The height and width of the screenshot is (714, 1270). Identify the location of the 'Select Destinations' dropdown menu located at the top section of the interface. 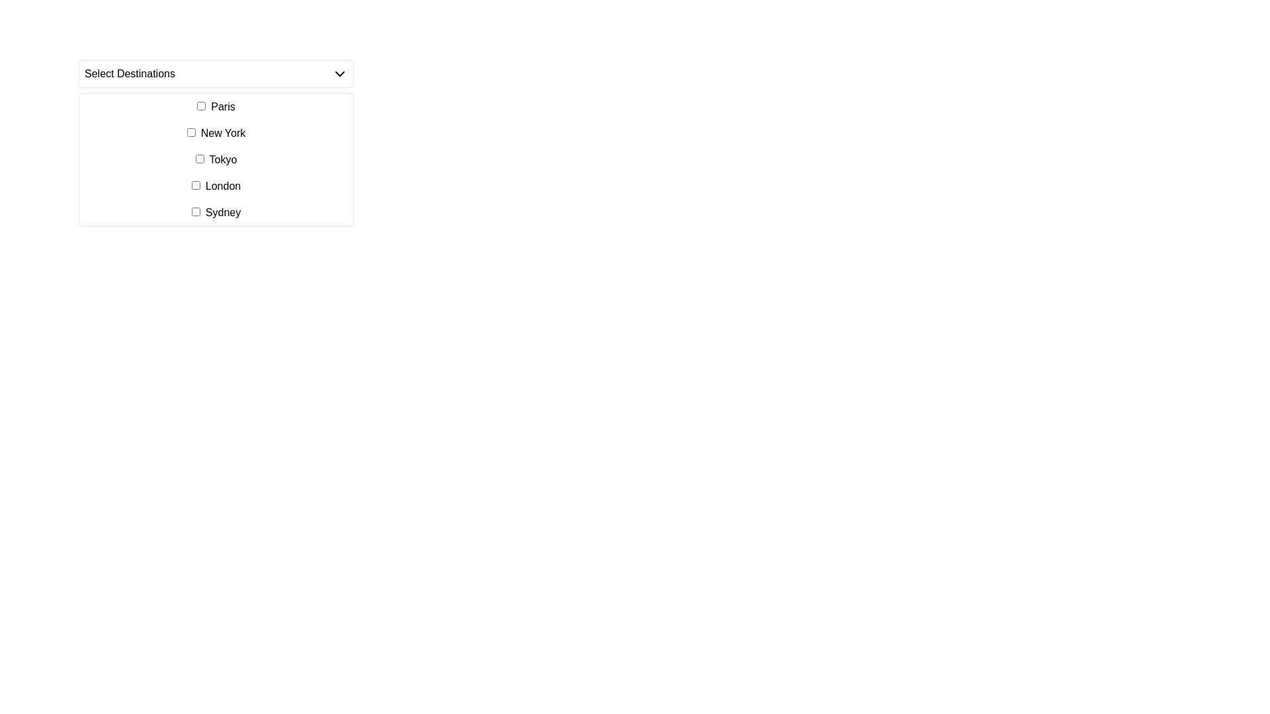
(216, 73).